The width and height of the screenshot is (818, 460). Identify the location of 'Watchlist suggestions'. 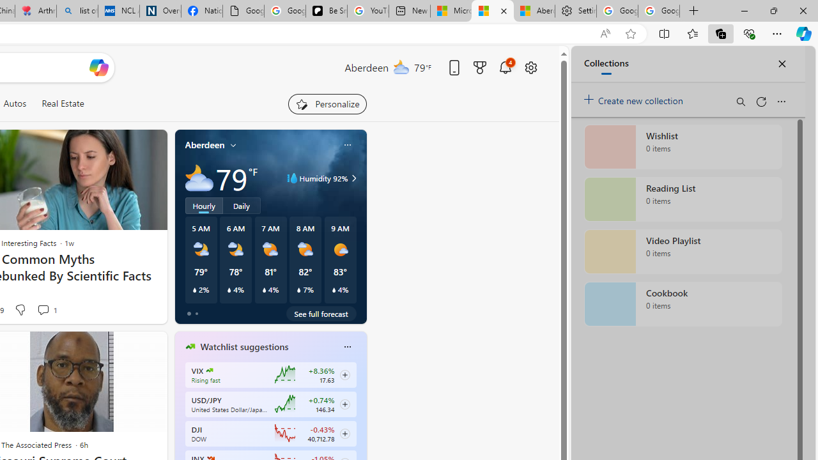
(244, 347).